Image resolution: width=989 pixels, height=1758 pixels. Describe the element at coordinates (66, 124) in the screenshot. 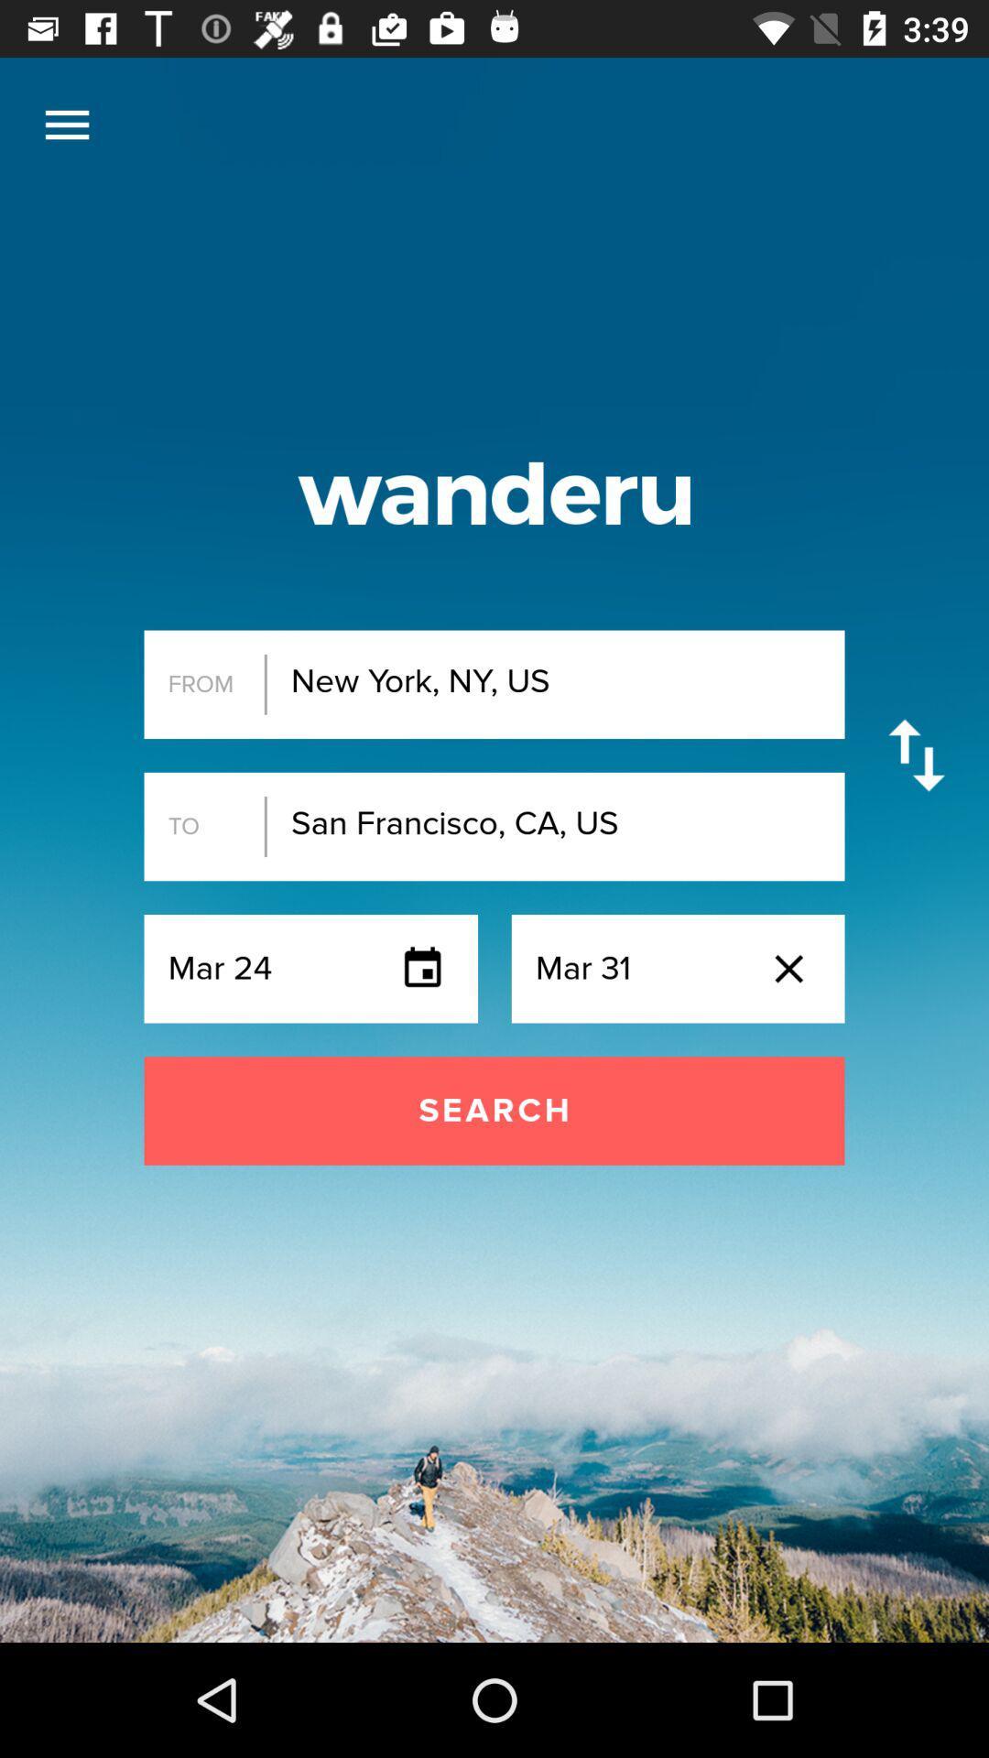

I see `see menu` at that location.